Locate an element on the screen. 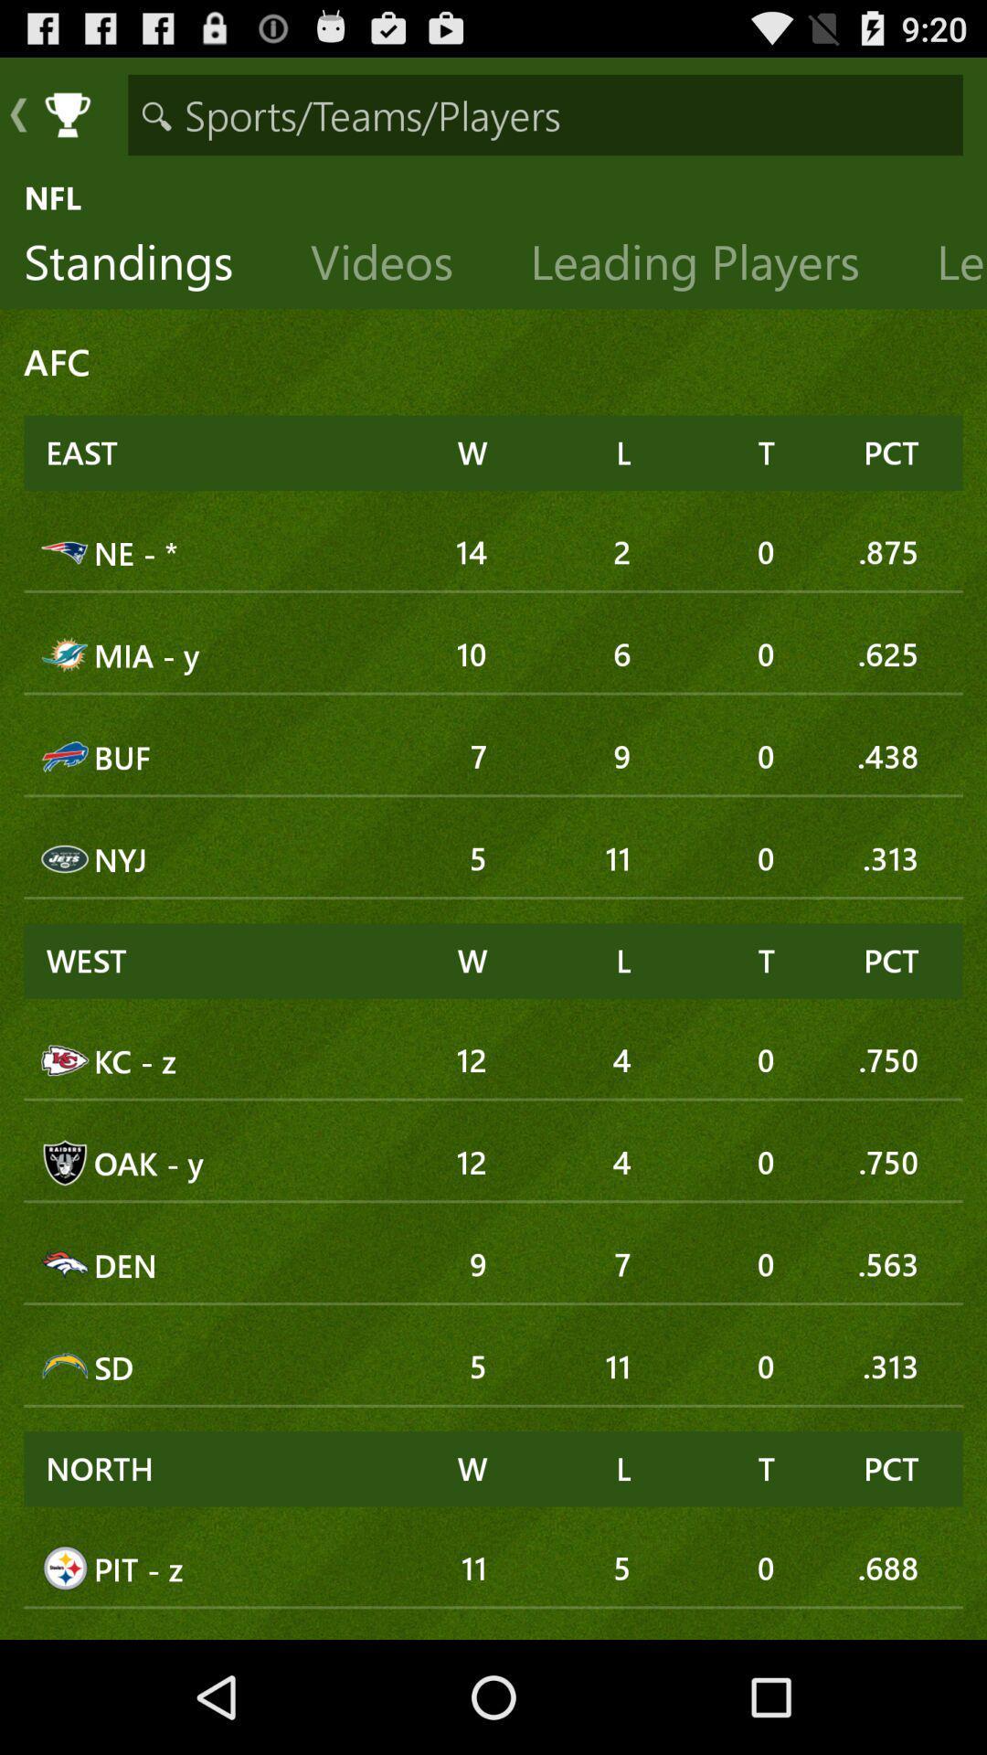 Image resolution: width=987 pixels, height=1755 pixels. the icon which is before sd is located at coordinates (64, 1367).